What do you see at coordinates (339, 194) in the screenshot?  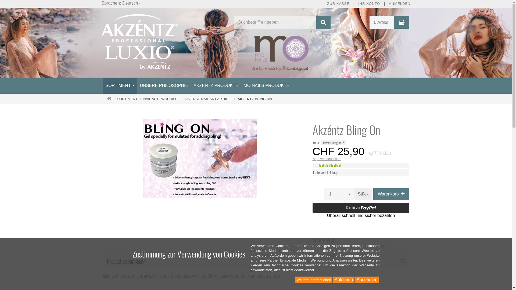 I see `'1'` at bounding box center [339, 194].